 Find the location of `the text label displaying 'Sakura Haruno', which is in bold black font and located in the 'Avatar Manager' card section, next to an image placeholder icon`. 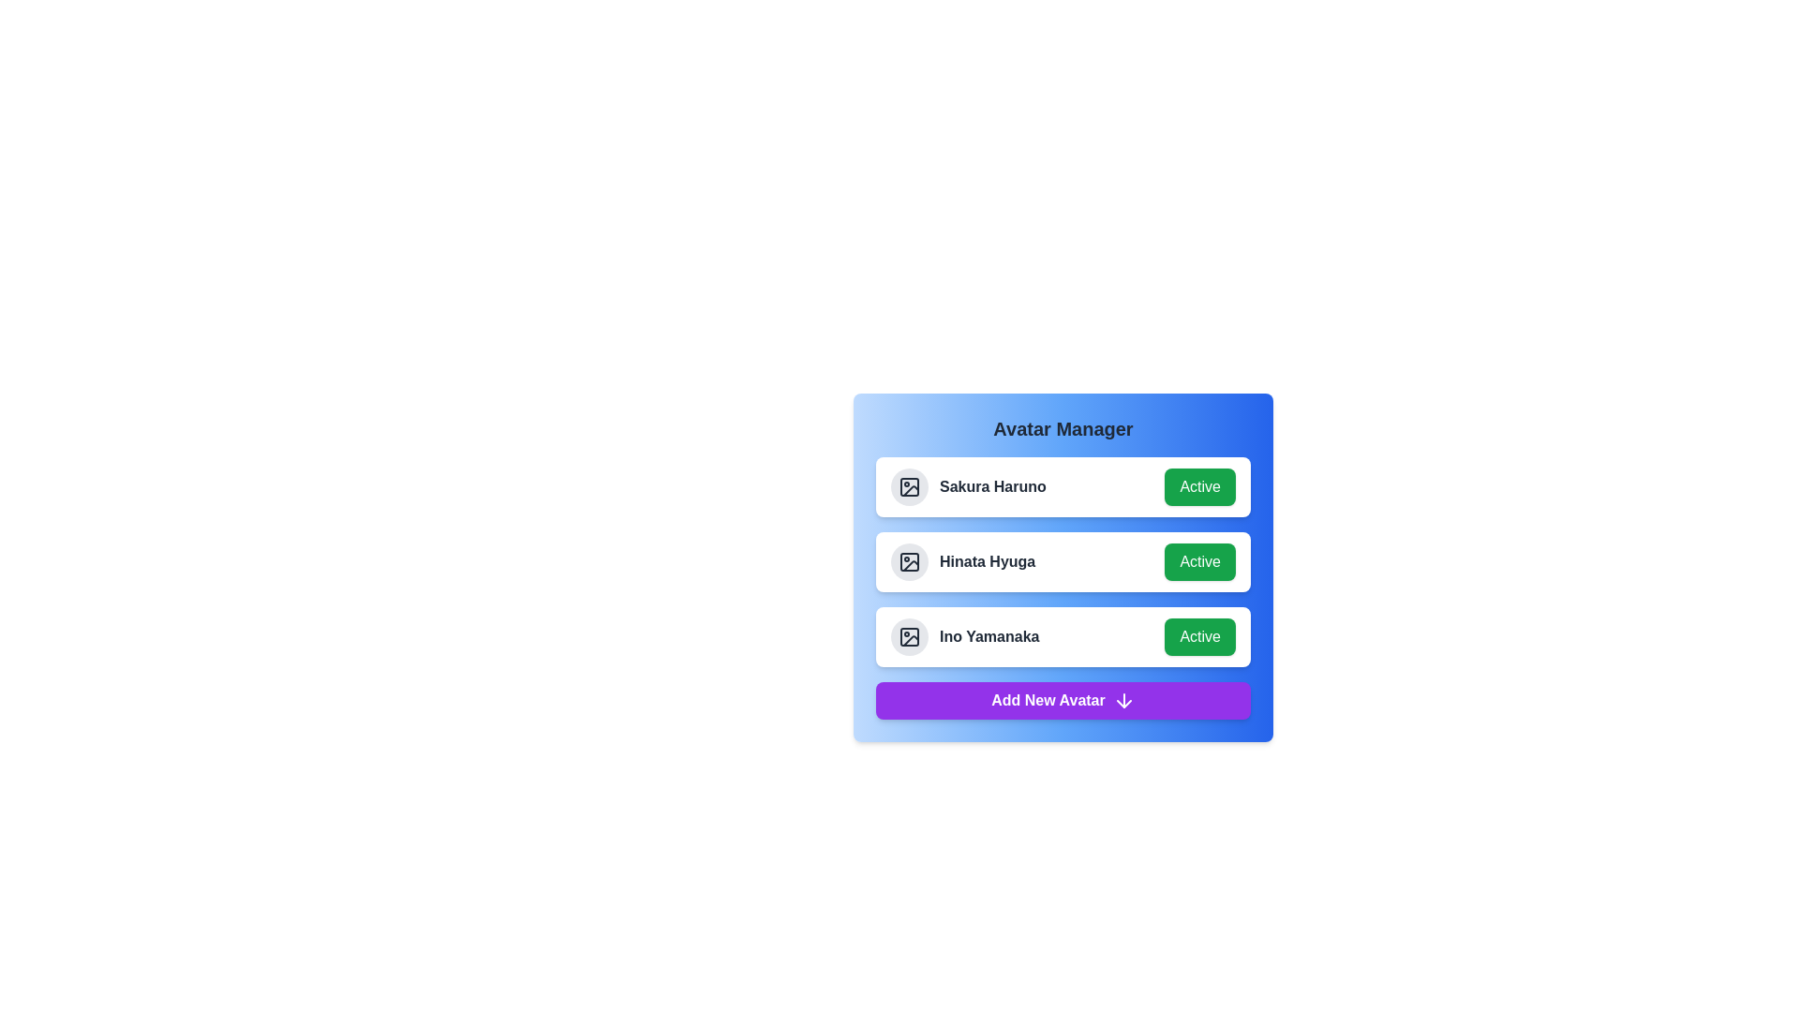

the text label displaying 'Sakura Haruno', which is in bold black font and located in the 'Avatar Manager' card section, next to an image placeholder icon is located at coordinates (968, 486).